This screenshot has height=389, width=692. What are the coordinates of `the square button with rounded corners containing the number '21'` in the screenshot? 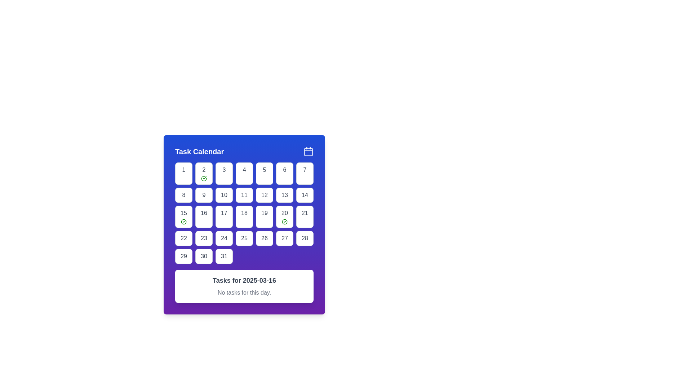 It's located at (305, 216).